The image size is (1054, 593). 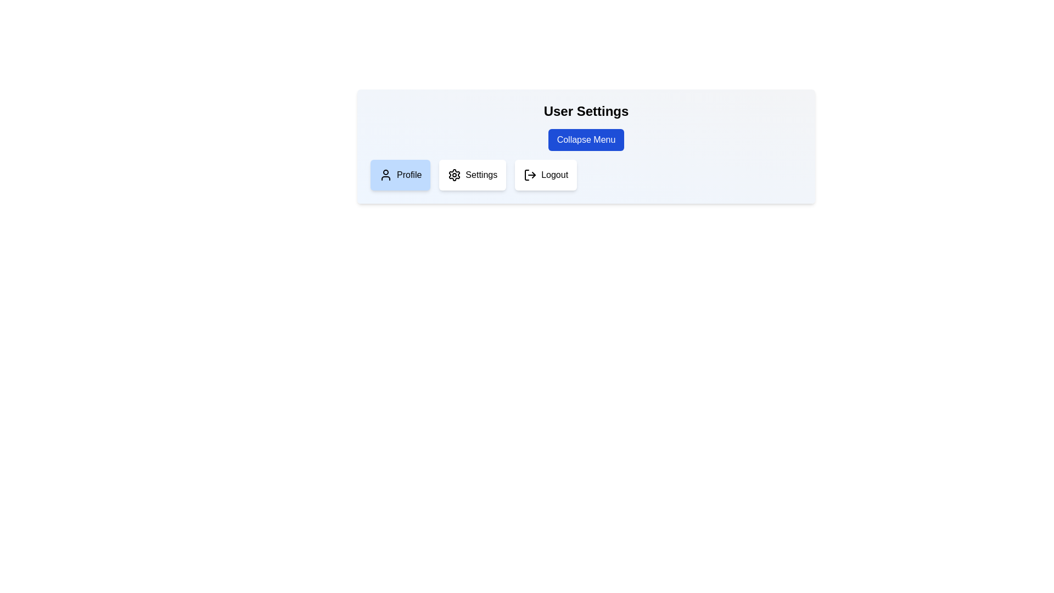 I want to click on the Settings icon to interact with it, so click(x=455, y=175).